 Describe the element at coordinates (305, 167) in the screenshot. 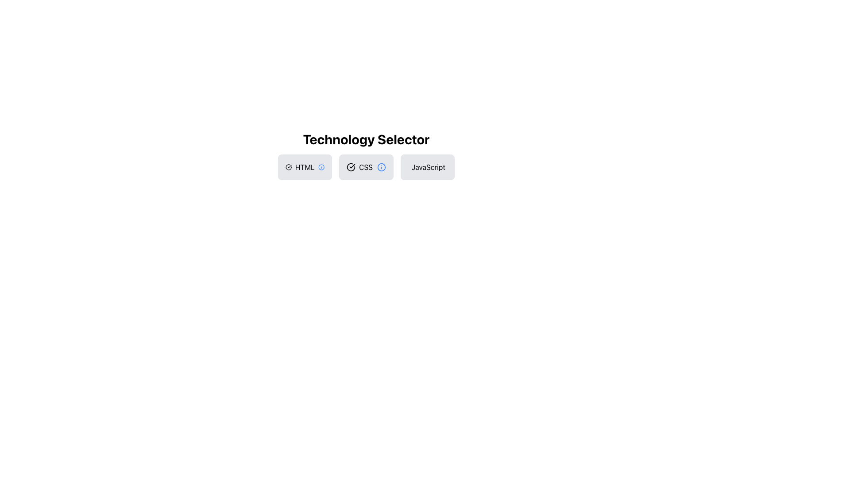

I see `the first button labeled 'HTML' located under the 'Technology Selector' heading` at that location.